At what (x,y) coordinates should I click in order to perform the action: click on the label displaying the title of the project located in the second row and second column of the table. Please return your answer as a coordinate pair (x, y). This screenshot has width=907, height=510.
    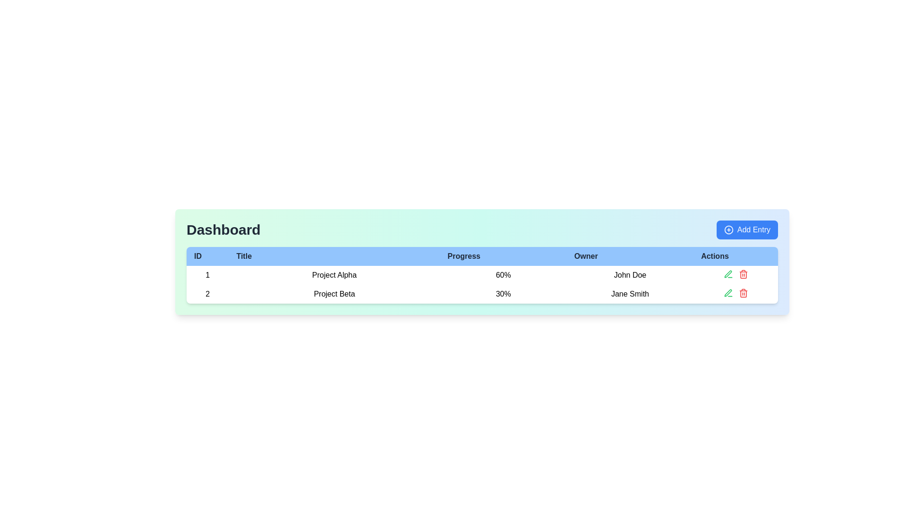
    Looking at the image, I should click on (334, 294).